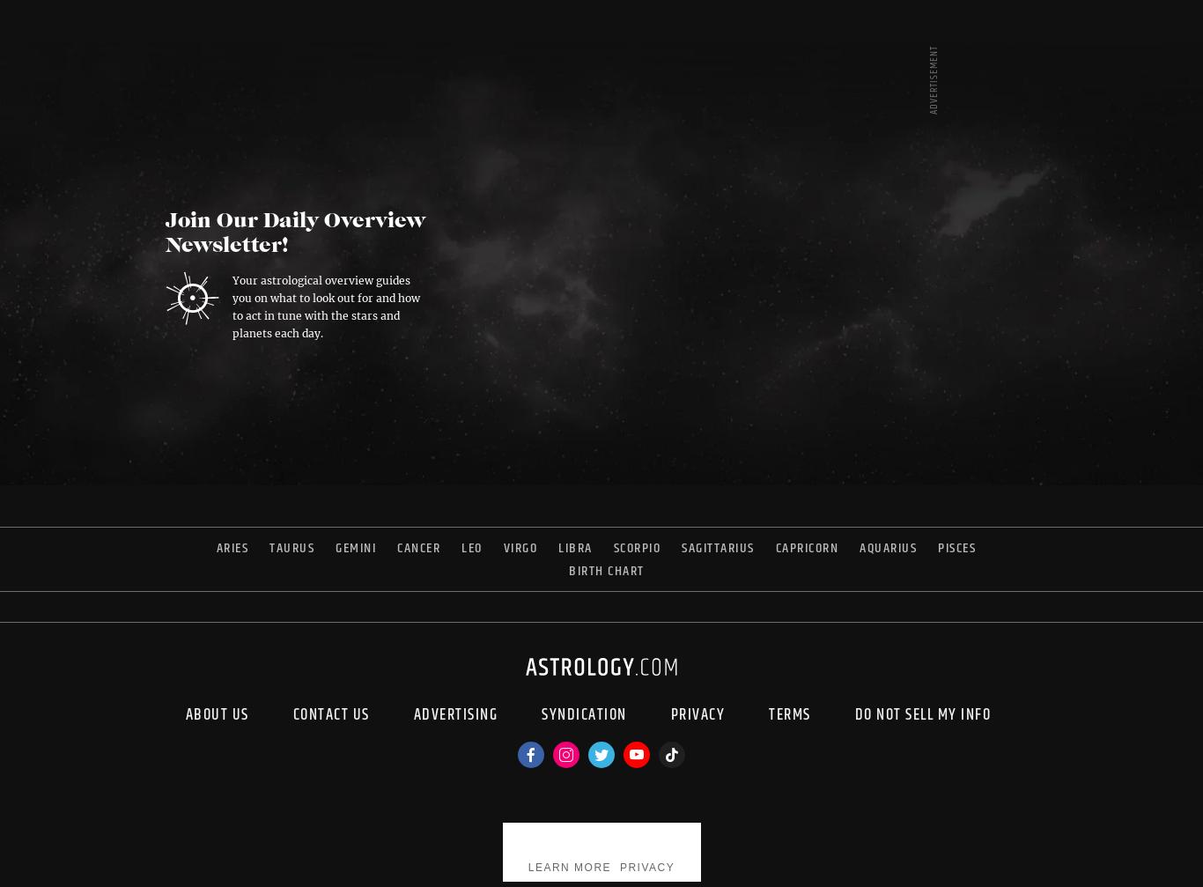  I want to click on 'Learn More', so click(568, 867).